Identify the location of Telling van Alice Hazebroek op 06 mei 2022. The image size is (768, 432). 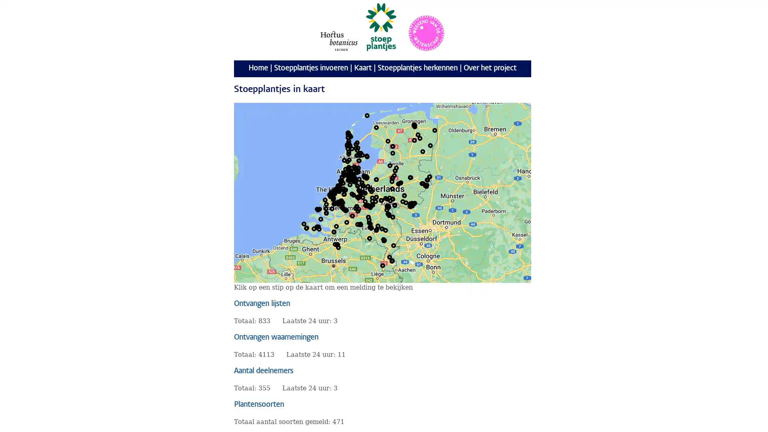
(316, 208).